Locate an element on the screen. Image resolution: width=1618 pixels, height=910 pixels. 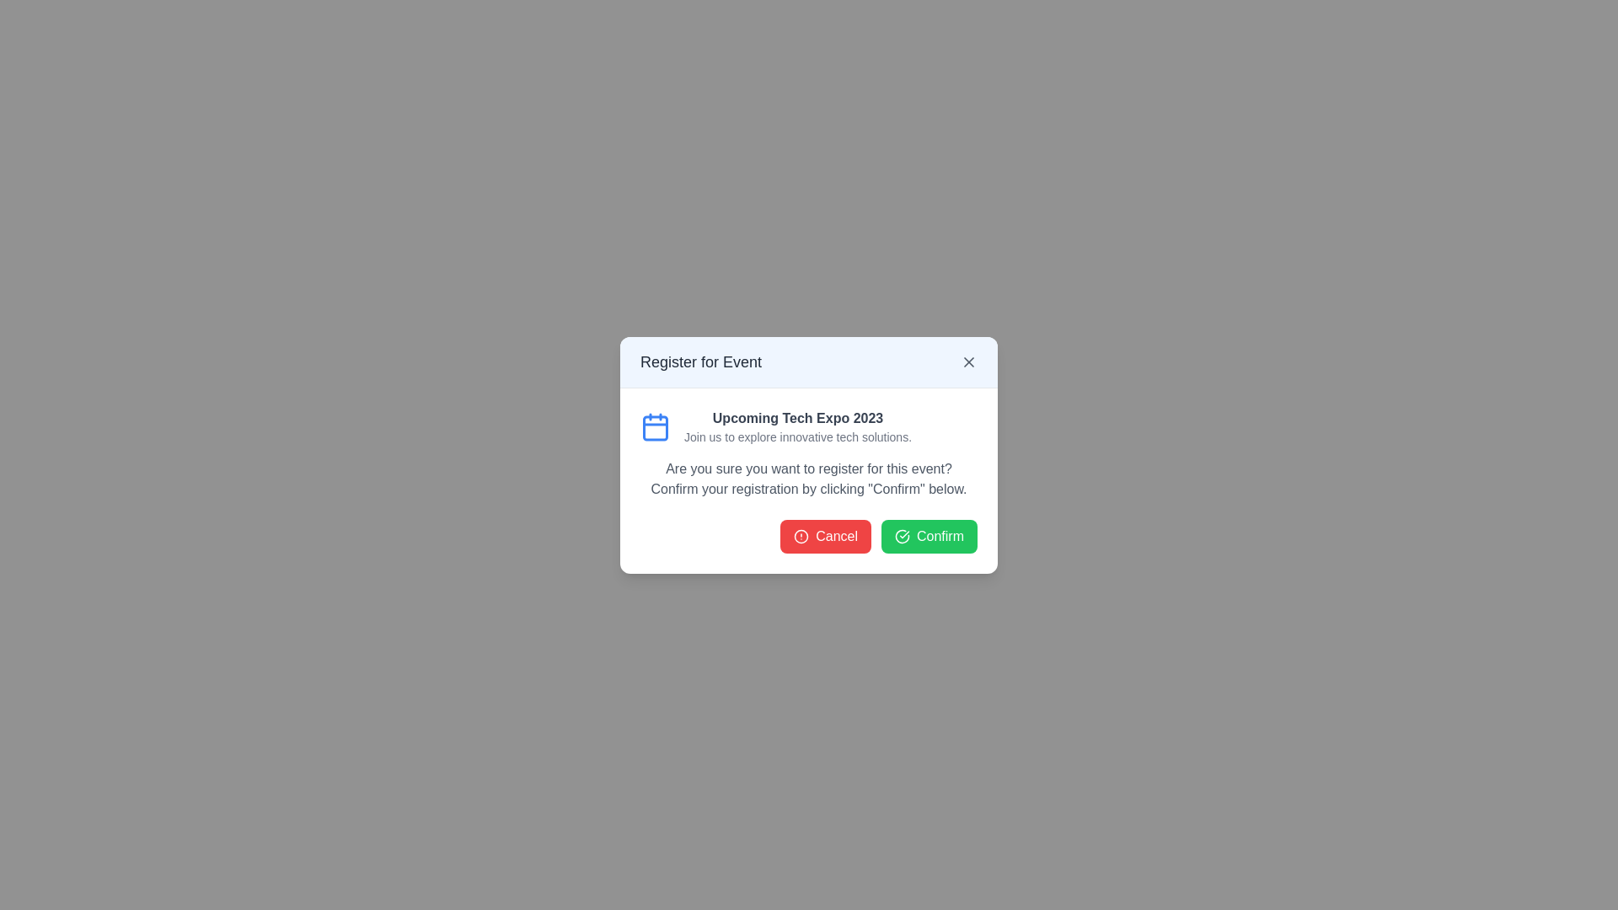
the 'Confirm' button, which is a rectangular button with a green background, white text, and a checkmark icon on the left, located at the bottom-right side of the modal is located at coordinates (929, 536).